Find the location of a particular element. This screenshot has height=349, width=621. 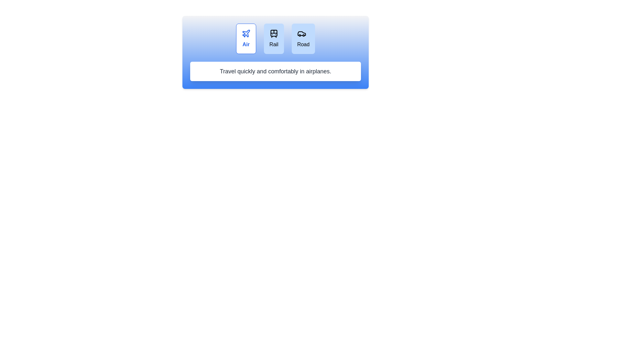

the travel mode Rail by clicking the respective button is located at coordinates (274, 38).